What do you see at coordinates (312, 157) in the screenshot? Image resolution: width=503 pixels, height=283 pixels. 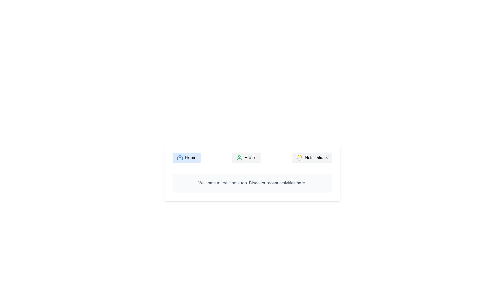 I see `the tab labeled Notifications to observe its hover effect` at bounding box center [312, 157].